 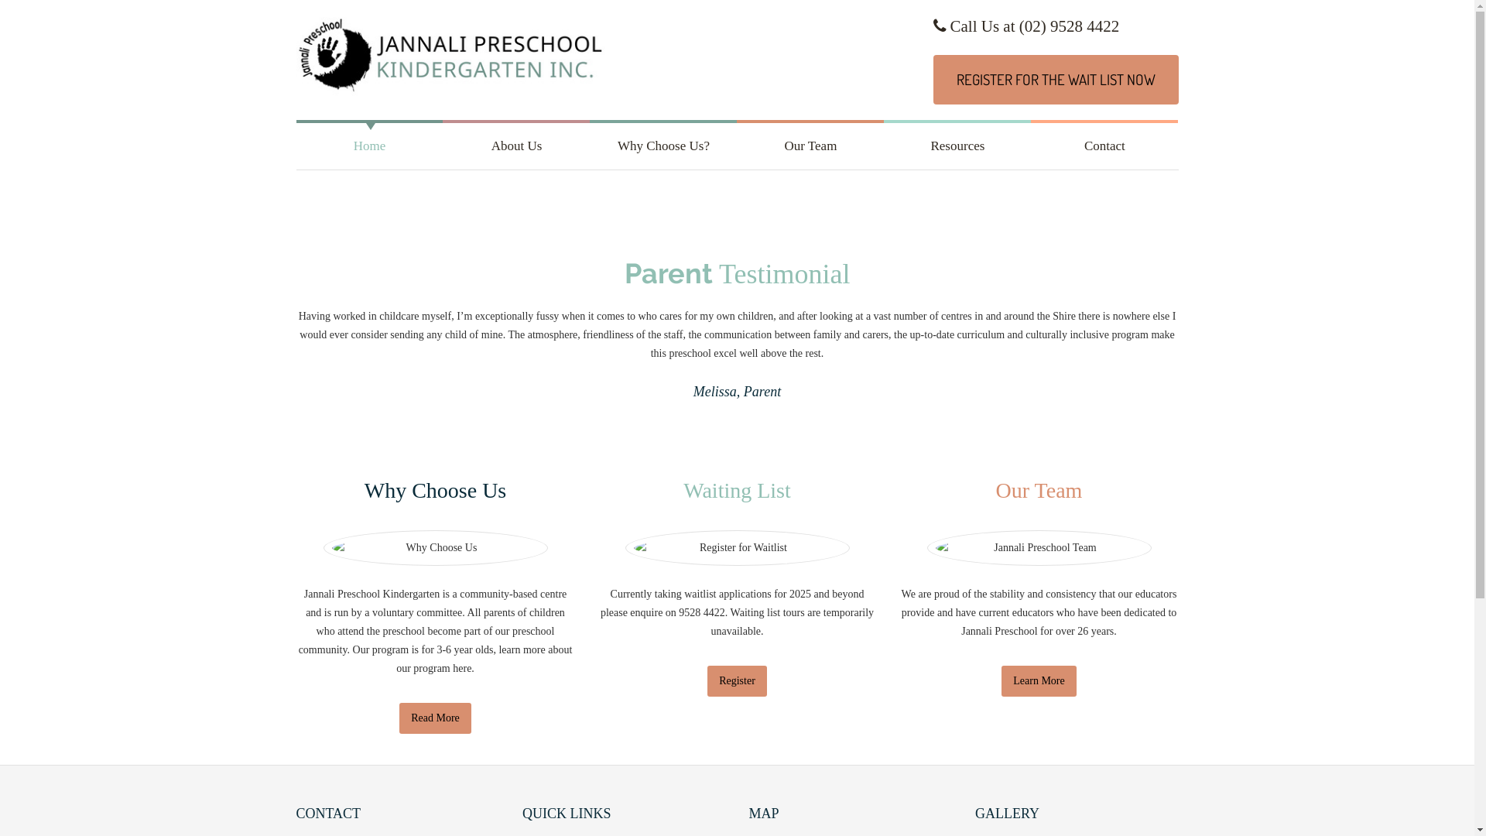 I want to click on 'Learn More', so click(x=1039, y=680).